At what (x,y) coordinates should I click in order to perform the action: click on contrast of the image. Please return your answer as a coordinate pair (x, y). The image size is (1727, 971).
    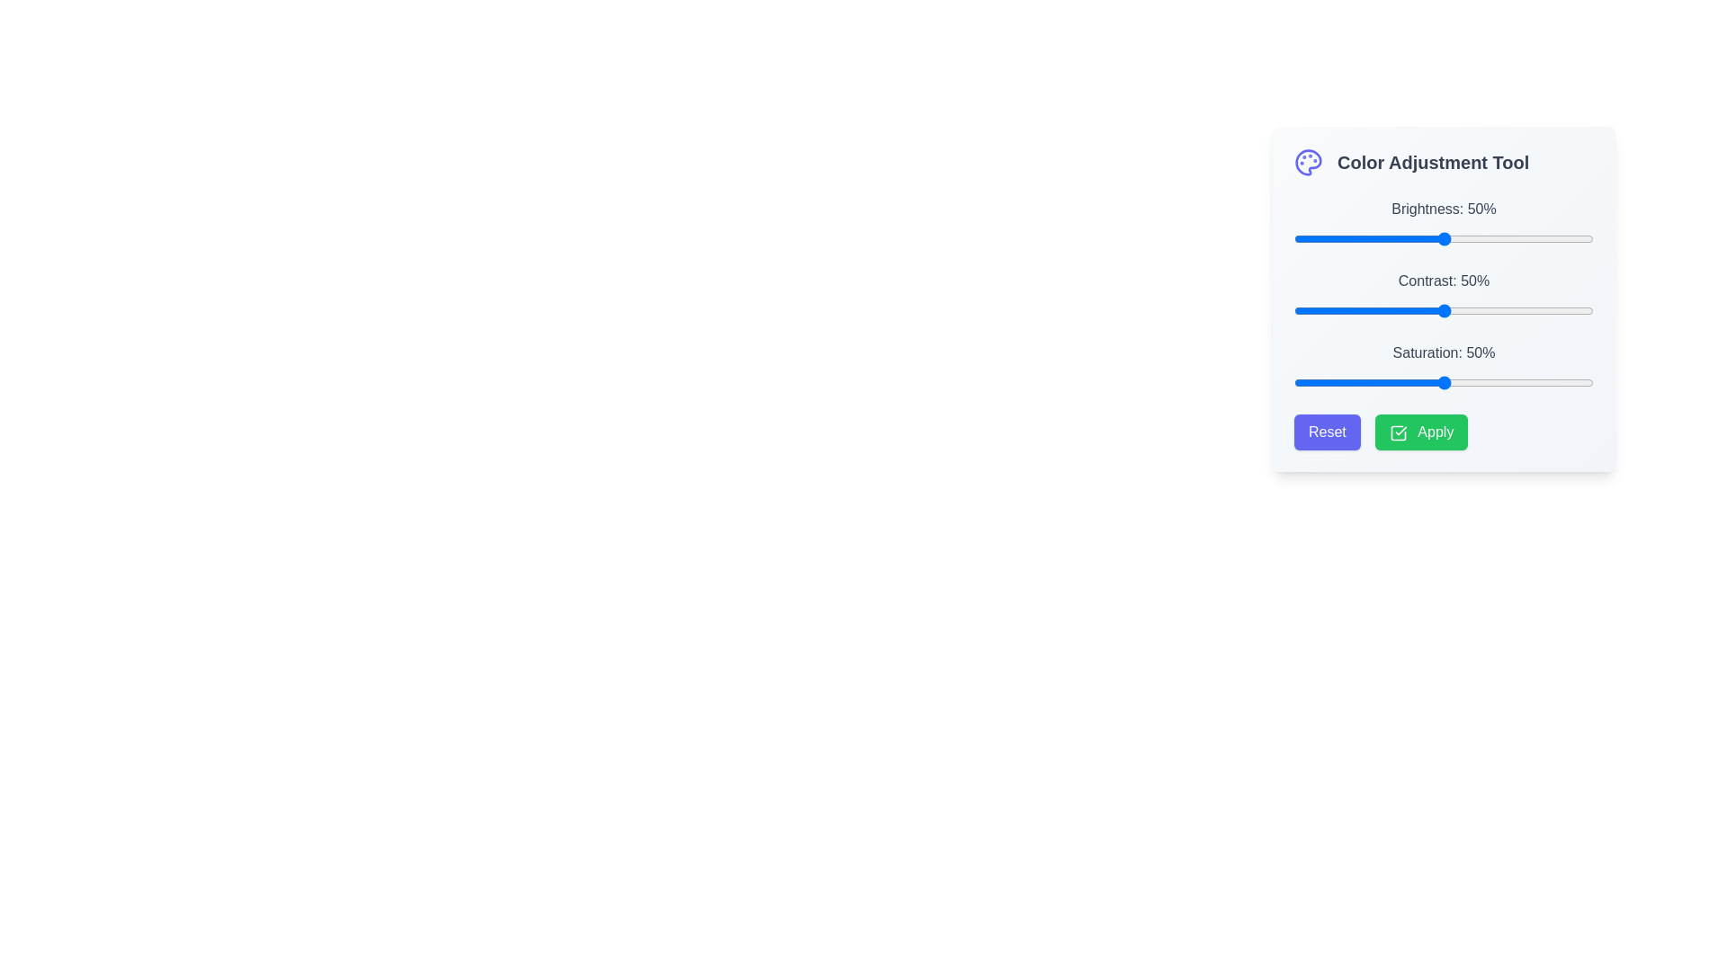
    Looking at the image, I should click on (1462, 310).